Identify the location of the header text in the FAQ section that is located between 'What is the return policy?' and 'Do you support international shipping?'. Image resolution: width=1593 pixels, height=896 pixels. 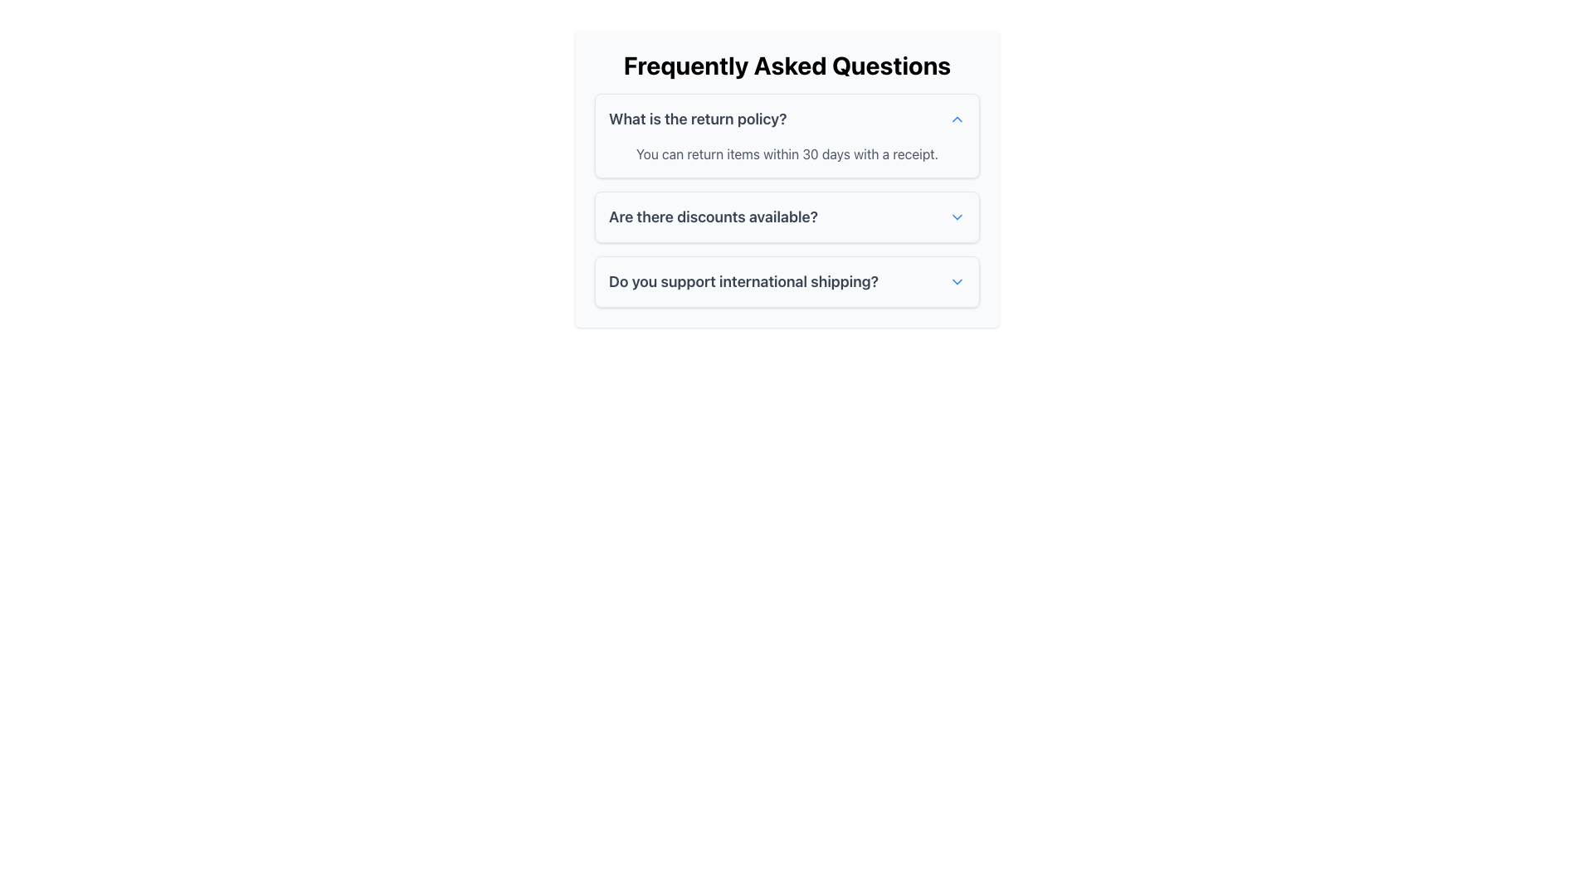
(713, 217).